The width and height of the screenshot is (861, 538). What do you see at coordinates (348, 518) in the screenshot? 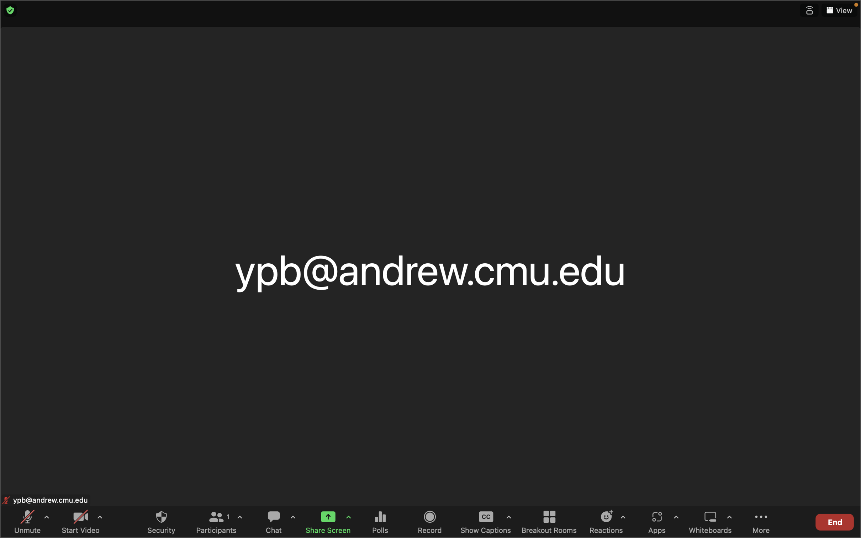
I see `screen sharing choices` at bounding box center [348, 518].